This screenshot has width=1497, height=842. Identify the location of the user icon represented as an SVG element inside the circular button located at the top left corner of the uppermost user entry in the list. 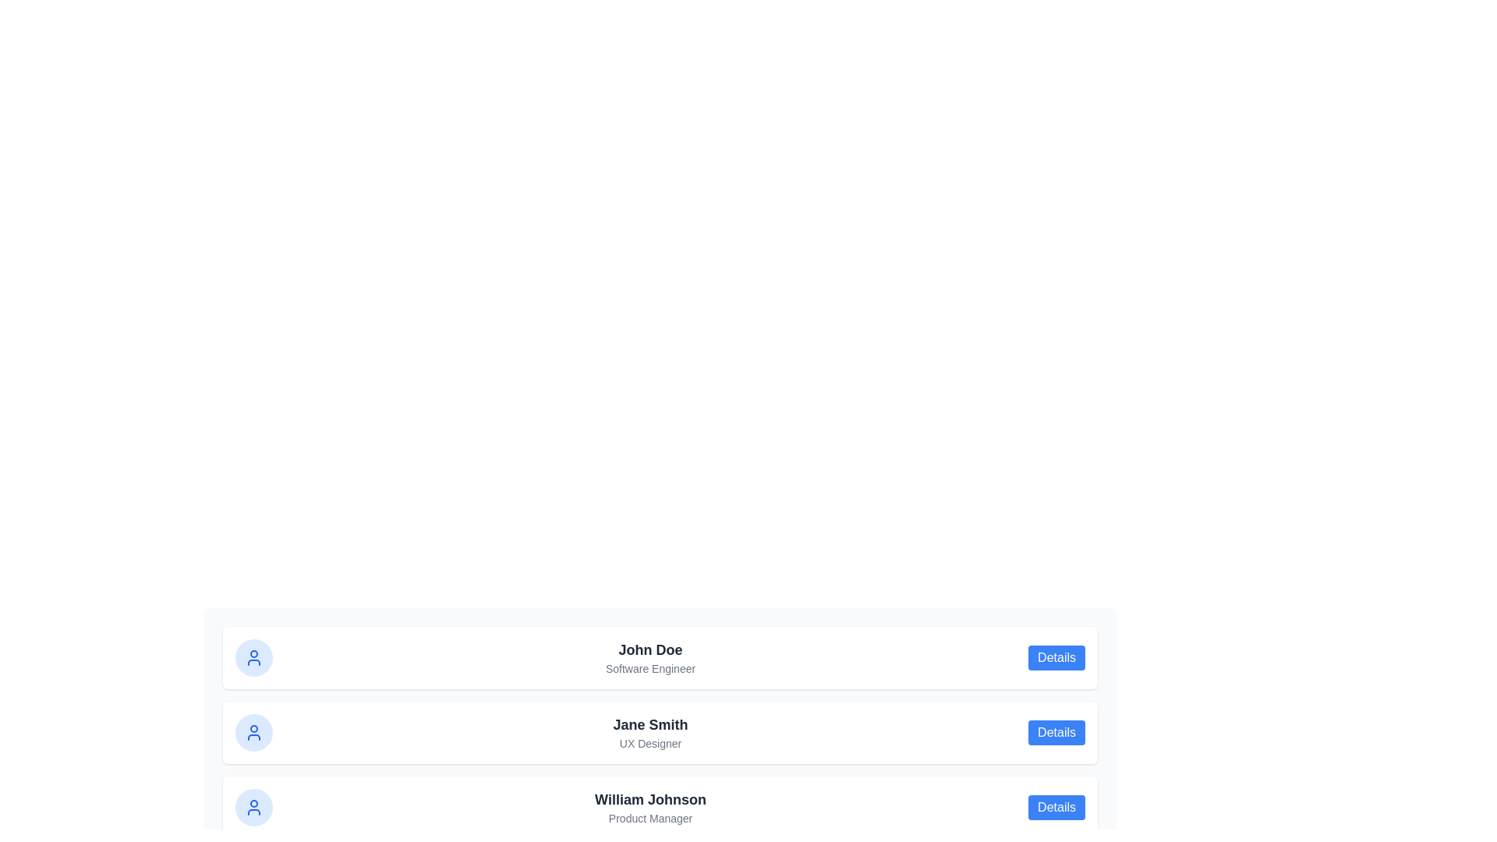
(254, 658).